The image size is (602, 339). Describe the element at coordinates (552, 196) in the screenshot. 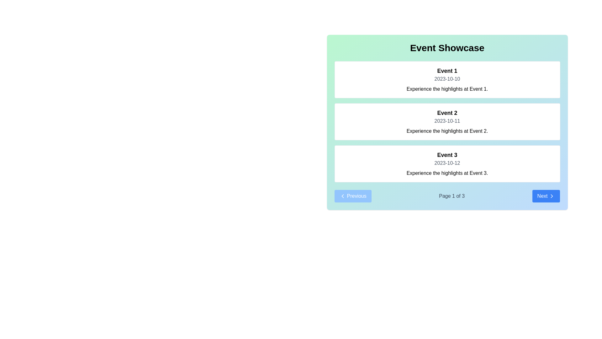

I see `the small right-pointing arrow icon within the 'Next' button at the bottom-right corner of the pagination bar` at that location.